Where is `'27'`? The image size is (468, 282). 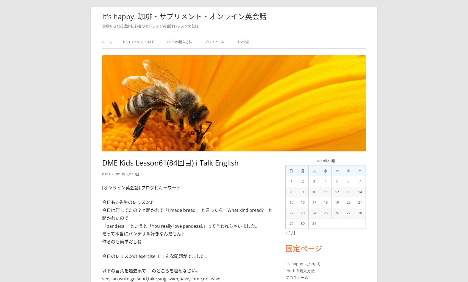
'27' is located at coordinates (348, 212).